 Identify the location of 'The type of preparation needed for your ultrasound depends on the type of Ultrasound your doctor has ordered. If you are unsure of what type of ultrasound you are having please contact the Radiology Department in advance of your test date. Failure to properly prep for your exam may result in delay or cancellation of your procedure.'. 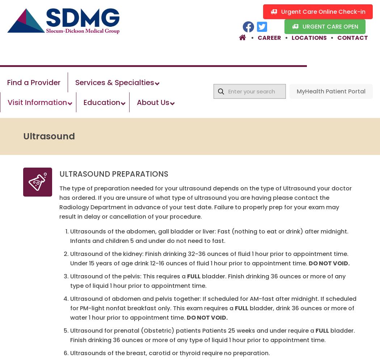
(205, 202).